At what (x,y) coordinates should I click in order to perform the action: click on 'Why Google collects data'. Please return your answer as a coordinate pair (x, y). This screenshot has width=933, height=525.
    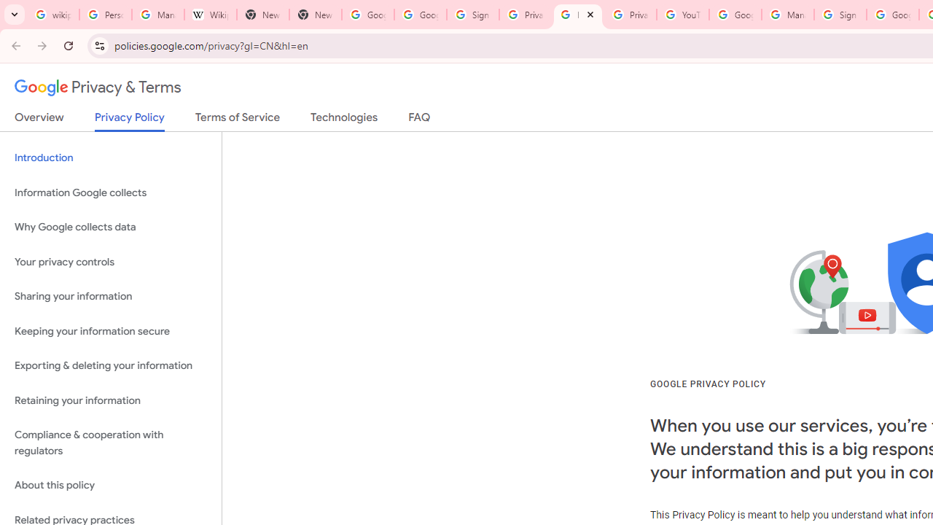
    Looking at the image, I should click on (110, 227).